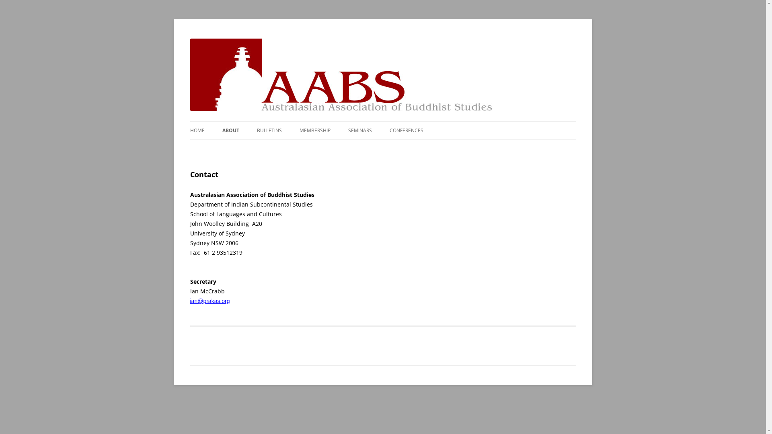 This screenshot has height=434, width=772. Describe the element at coordinates (359, 130) in the screenshot. I see `'SEMINARS'` at that location.